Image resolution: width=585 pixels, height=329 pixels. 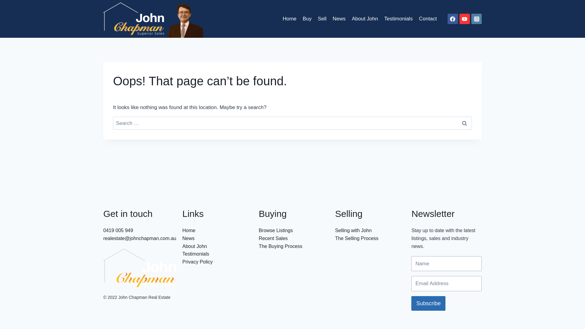 What do you see at coordinates (464, 123) in the screenshot?
I see `'Search'` at bounding box center [464, 123].